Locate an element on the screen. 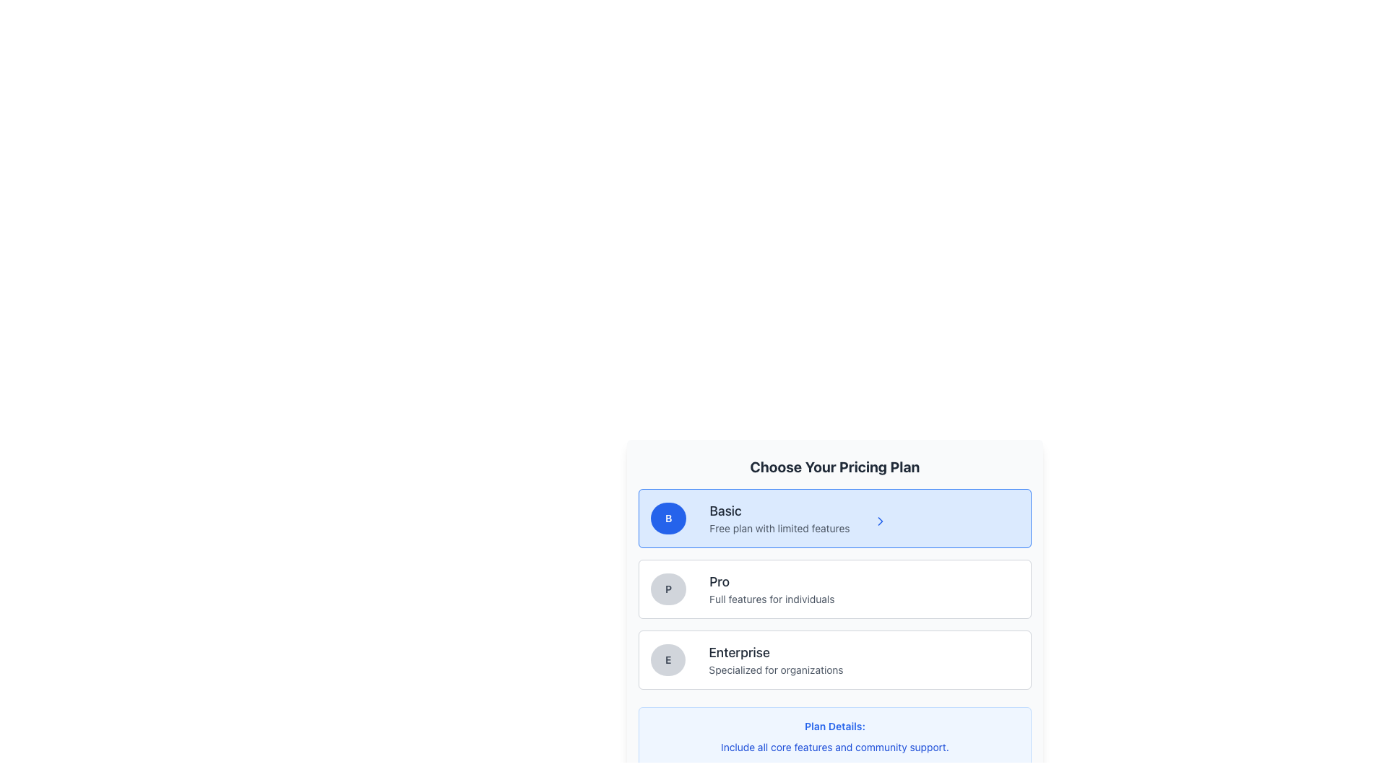 This screenshot has width=1387, height=780. the text that provides additional details about the 'Basic' plan, located beneath its title in the 'Basic' option card is located at coordinates (779, 529).